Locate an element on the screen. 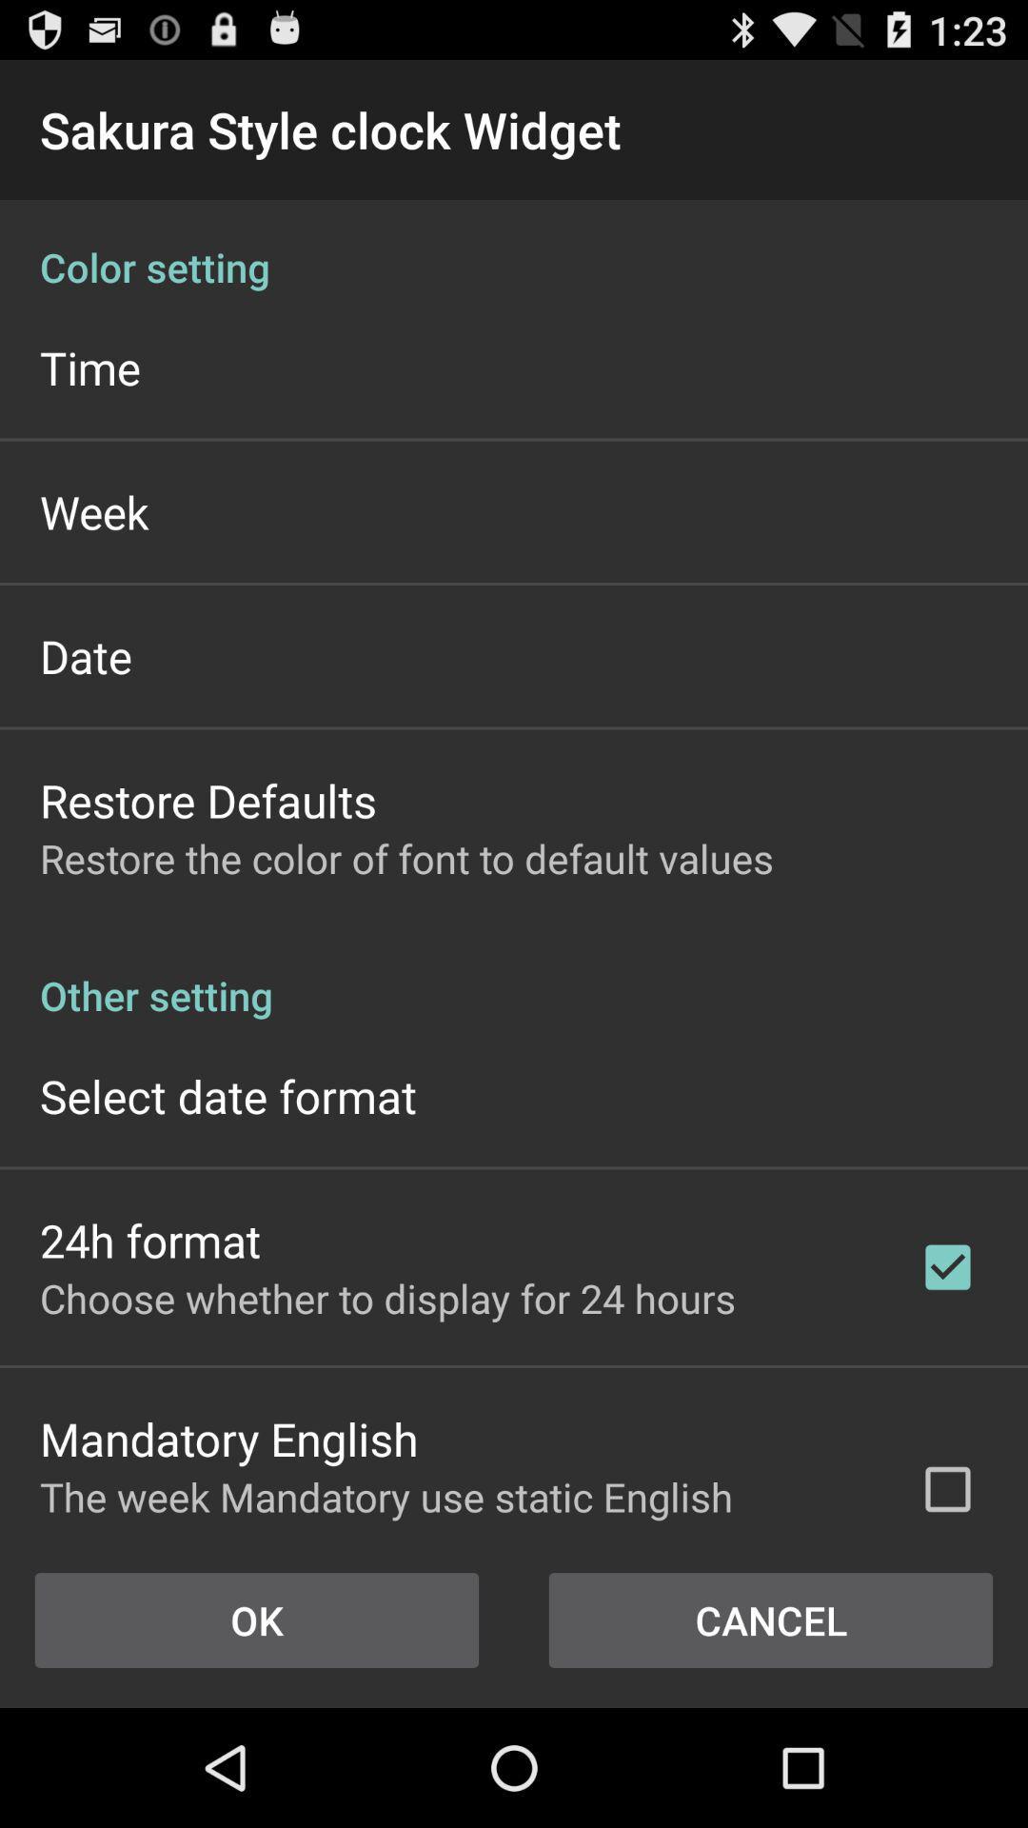 The height and width of the screenshot is (1828, 1028). the app below the 24h format is located at coordinates (386, 1297).